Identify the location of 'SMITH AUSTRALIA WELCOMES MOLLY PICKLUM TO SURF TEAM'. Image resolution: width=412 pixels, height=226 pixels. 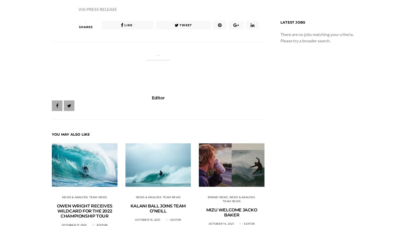
(378, 215).